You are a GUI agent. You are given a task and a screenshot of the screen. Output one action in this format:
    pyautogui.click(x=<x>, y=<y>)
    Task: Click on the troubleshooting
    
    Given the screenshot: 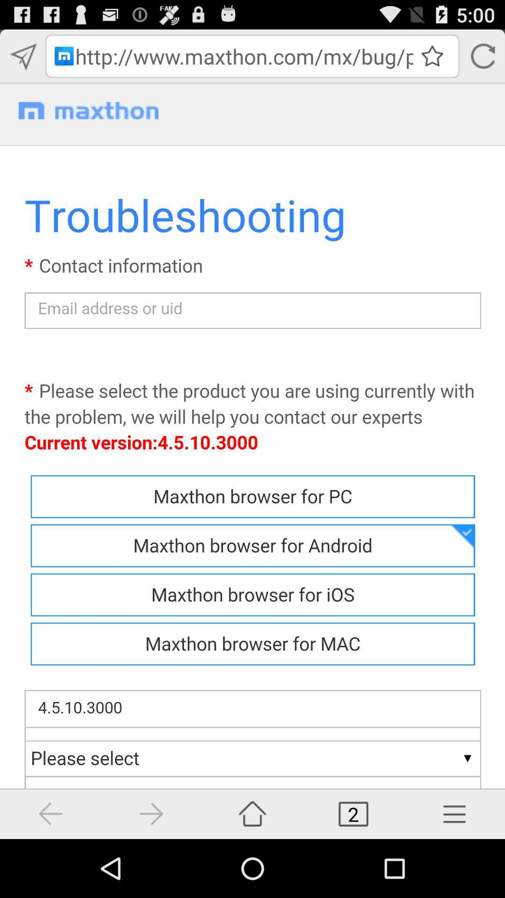 What is the action you would take?
    pyautogui.click(x=252, y=461)
    